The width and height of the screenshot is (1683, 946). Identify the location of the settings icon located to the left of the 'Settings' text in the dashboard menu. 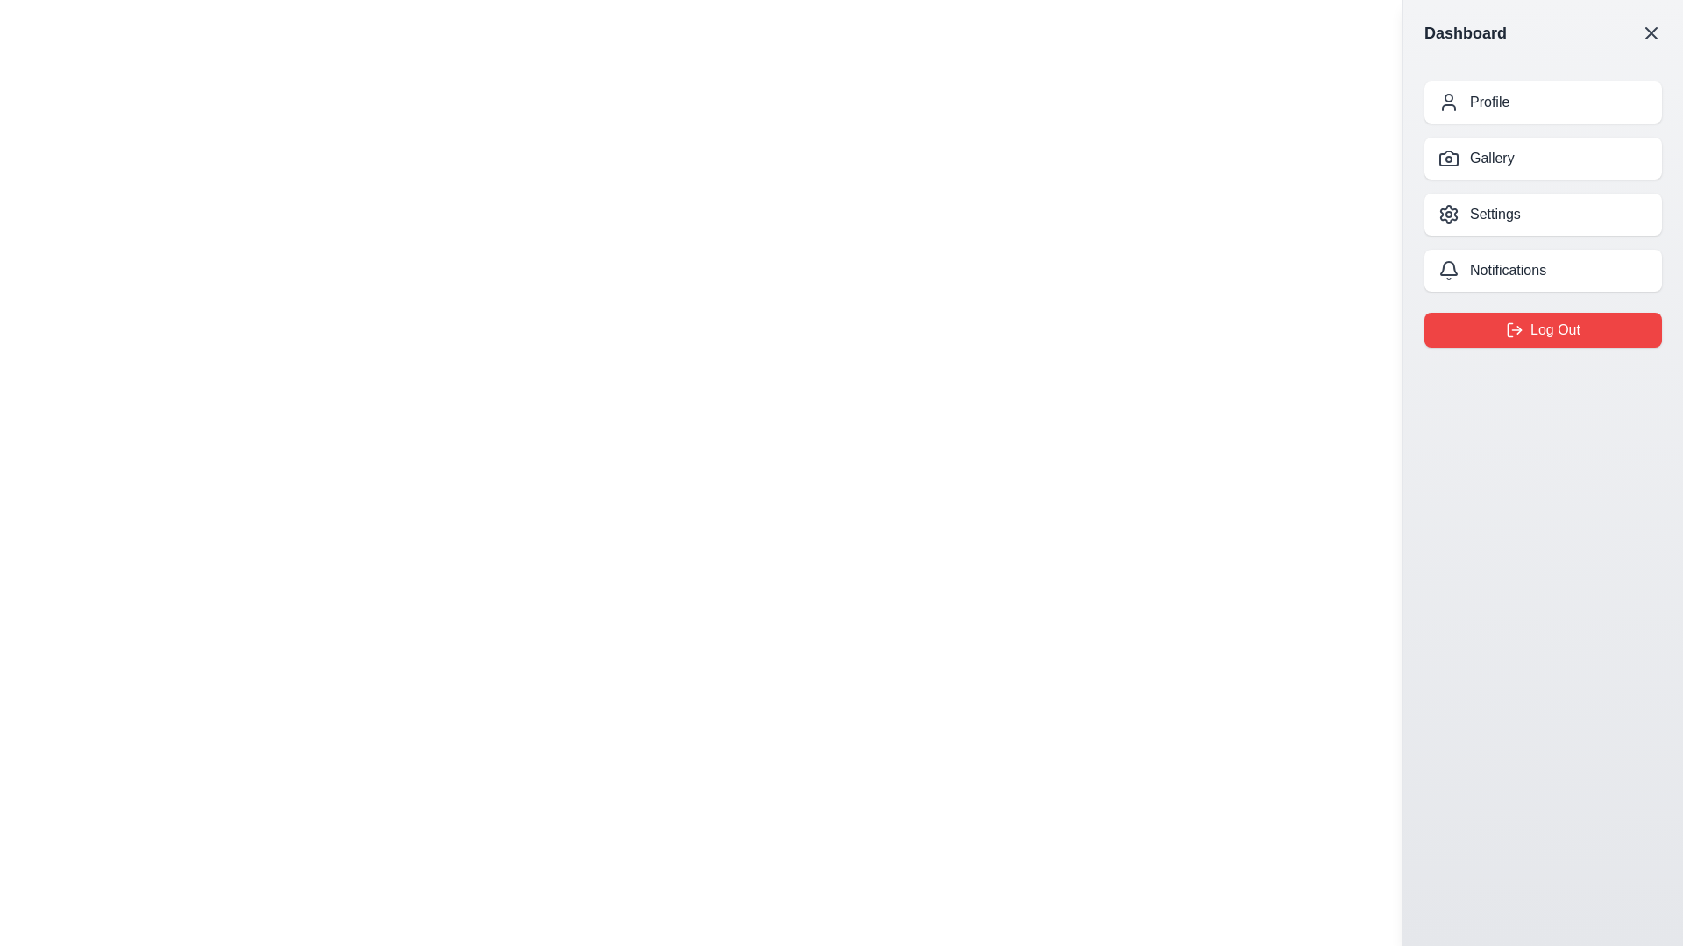
(1448, 214).